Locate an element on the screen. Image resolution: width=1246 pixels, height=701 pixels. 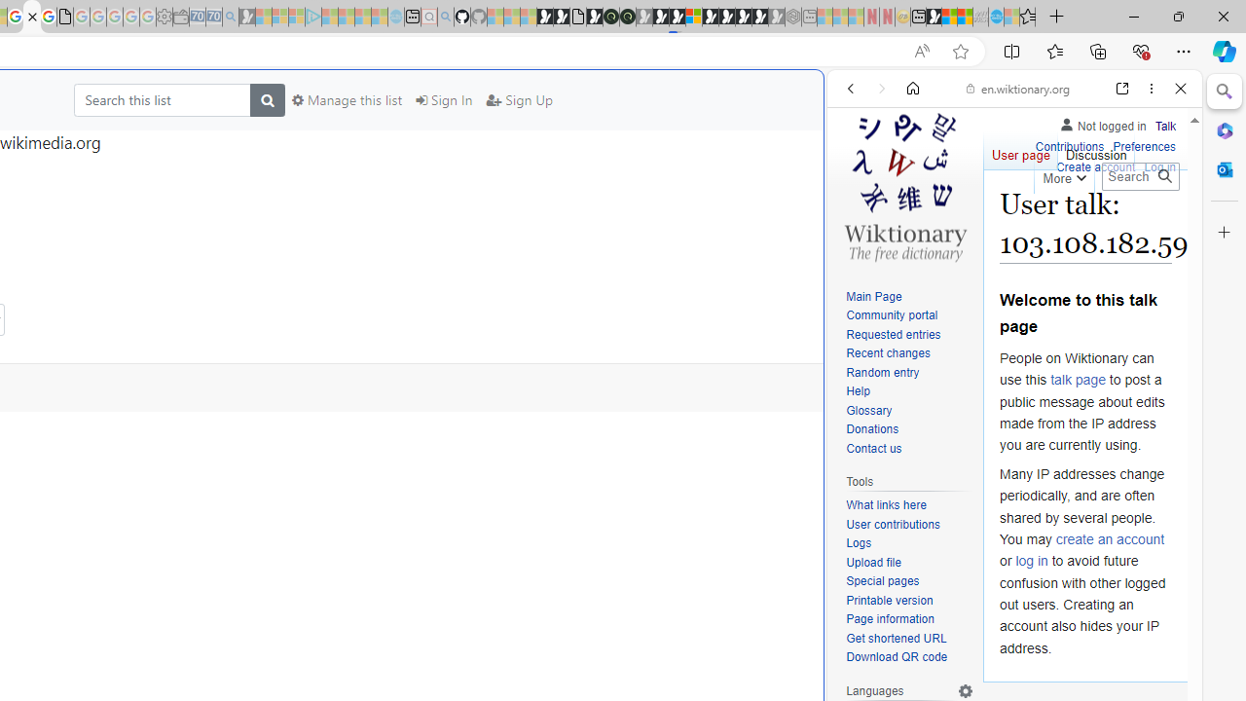
'Discussion' is located at coordinates (1095, 150).